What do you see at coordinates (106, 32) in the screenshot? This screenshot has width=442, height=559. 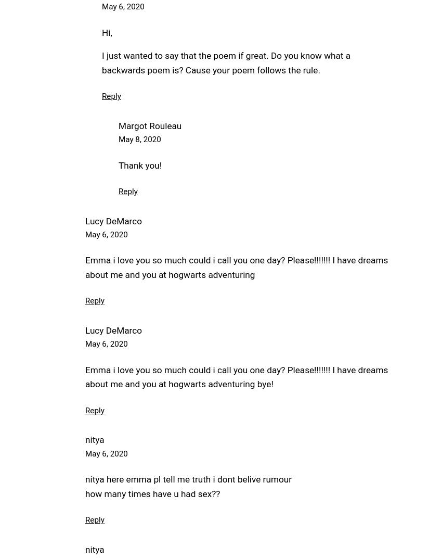 I see `'Hi,'` at bounding box center [106, 32].